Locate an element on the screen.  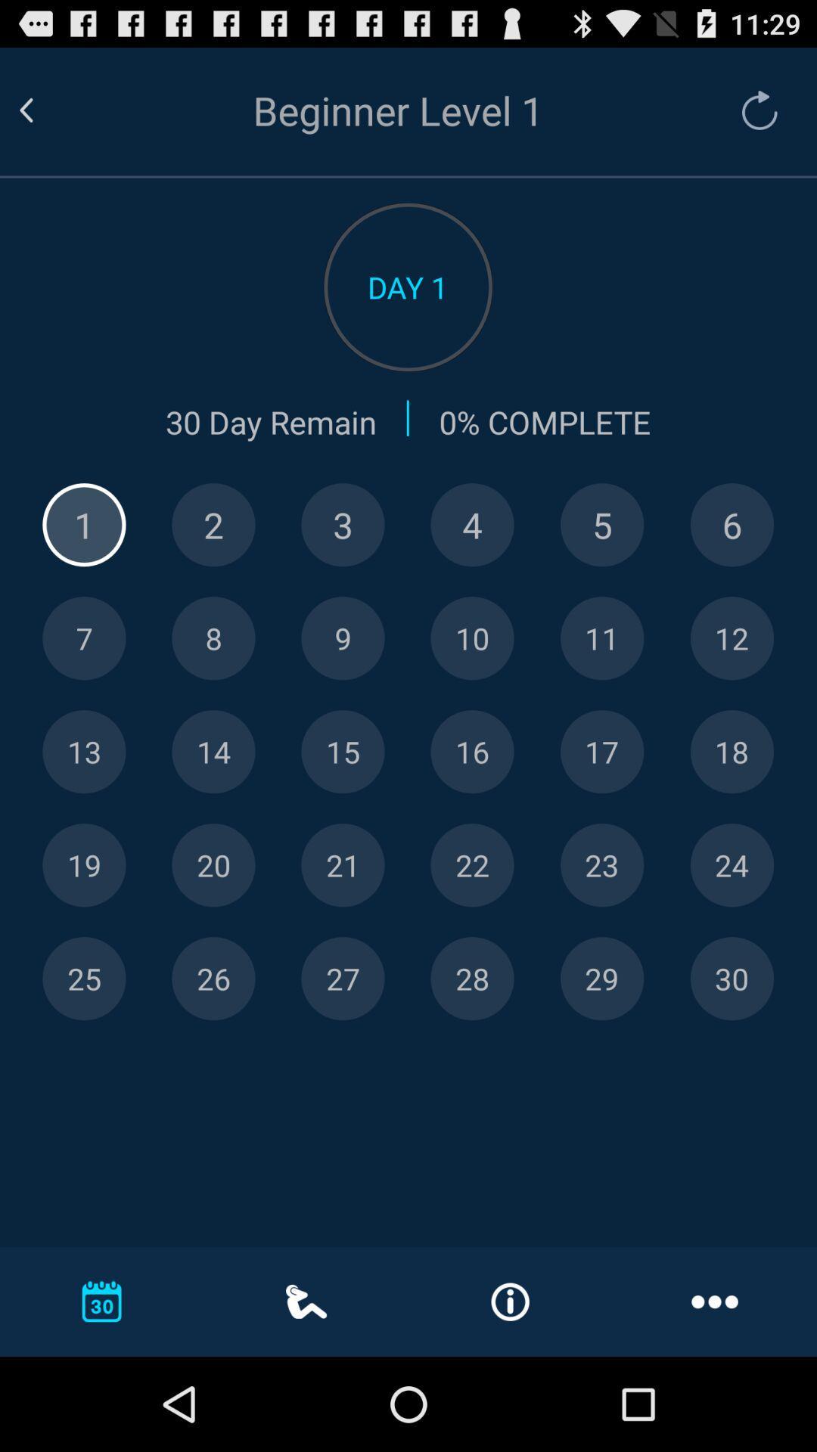
level 8 is located at coordinates (213, 638).